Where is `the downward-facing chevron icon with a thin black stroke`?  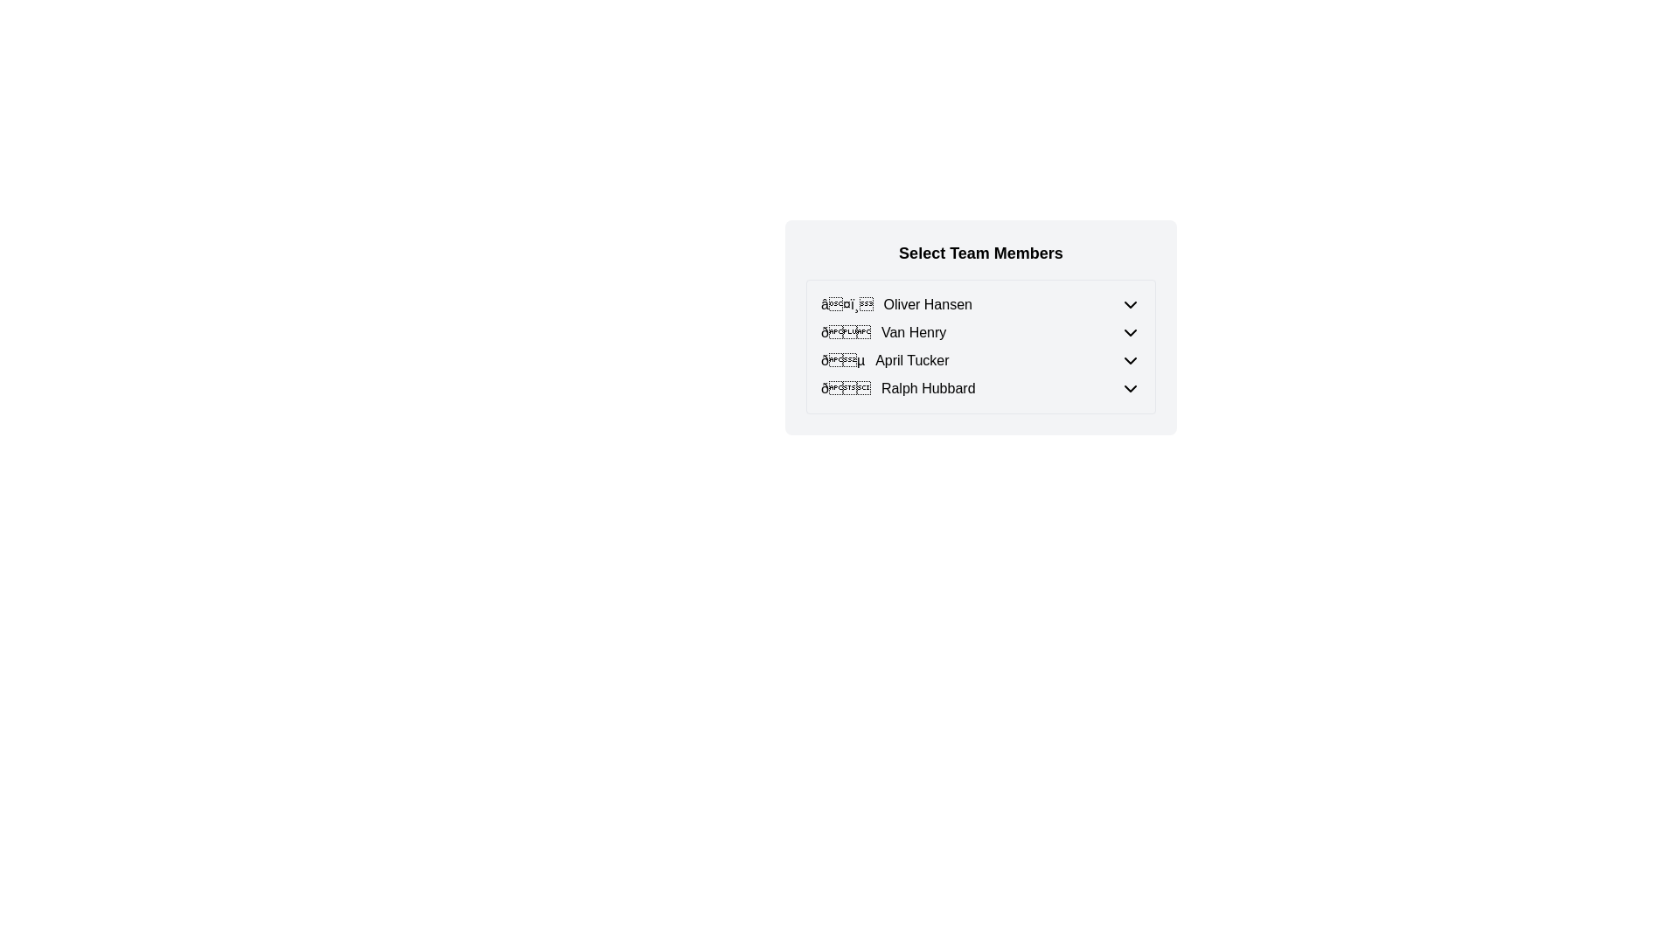
the downward-facing chevron icon with a thin black stroke is located at coordinates (1130, 333).